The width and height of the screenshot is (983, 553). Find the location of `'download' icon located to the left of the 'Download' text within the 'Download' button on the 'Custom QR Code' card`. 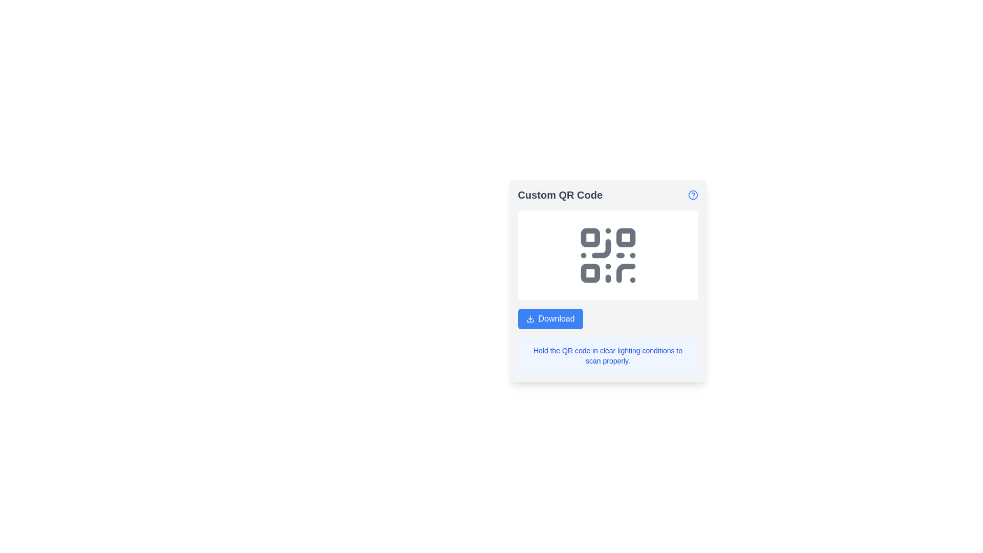

'download' icon located to the left of the 'Download' text within the 'Download' button on the 'Custom QR Code' card is located at coordinates (530, 318).